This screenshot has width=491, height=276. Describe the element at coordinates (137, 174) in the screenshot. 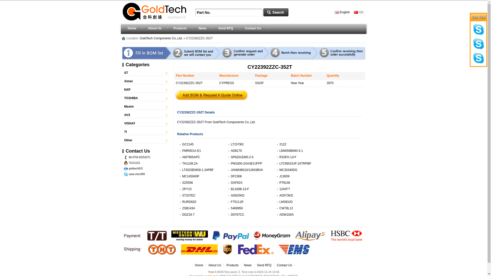

I see `'sasa-chen999'` at that location.